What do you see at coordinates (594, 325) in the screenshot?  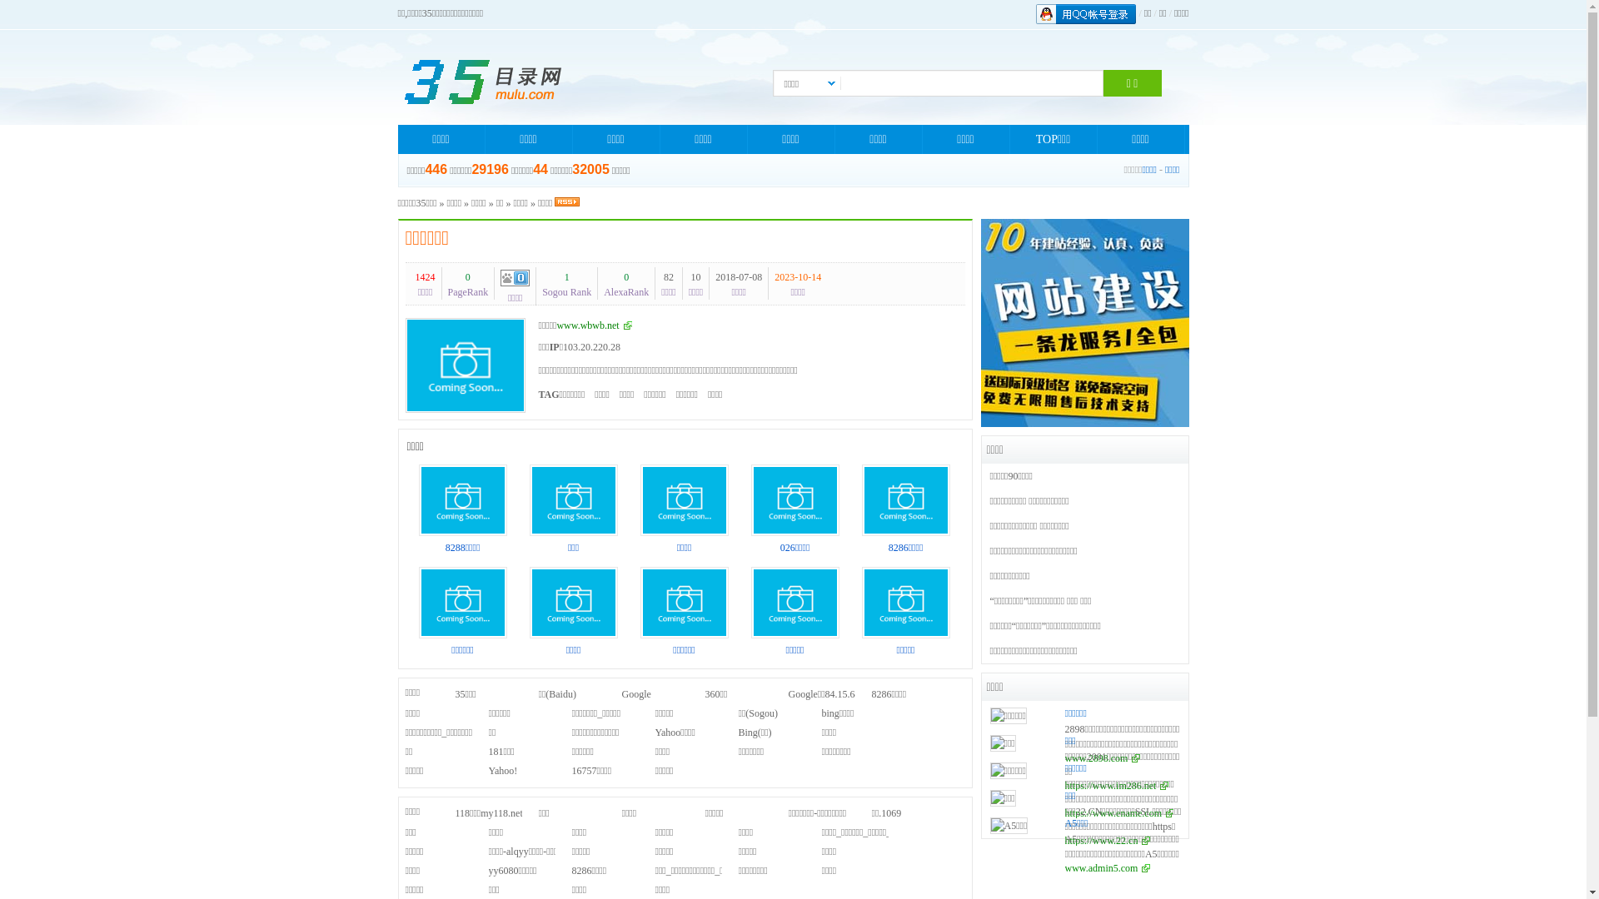 I see `'www.wbwb.net'` at bounding box center [594, 325].